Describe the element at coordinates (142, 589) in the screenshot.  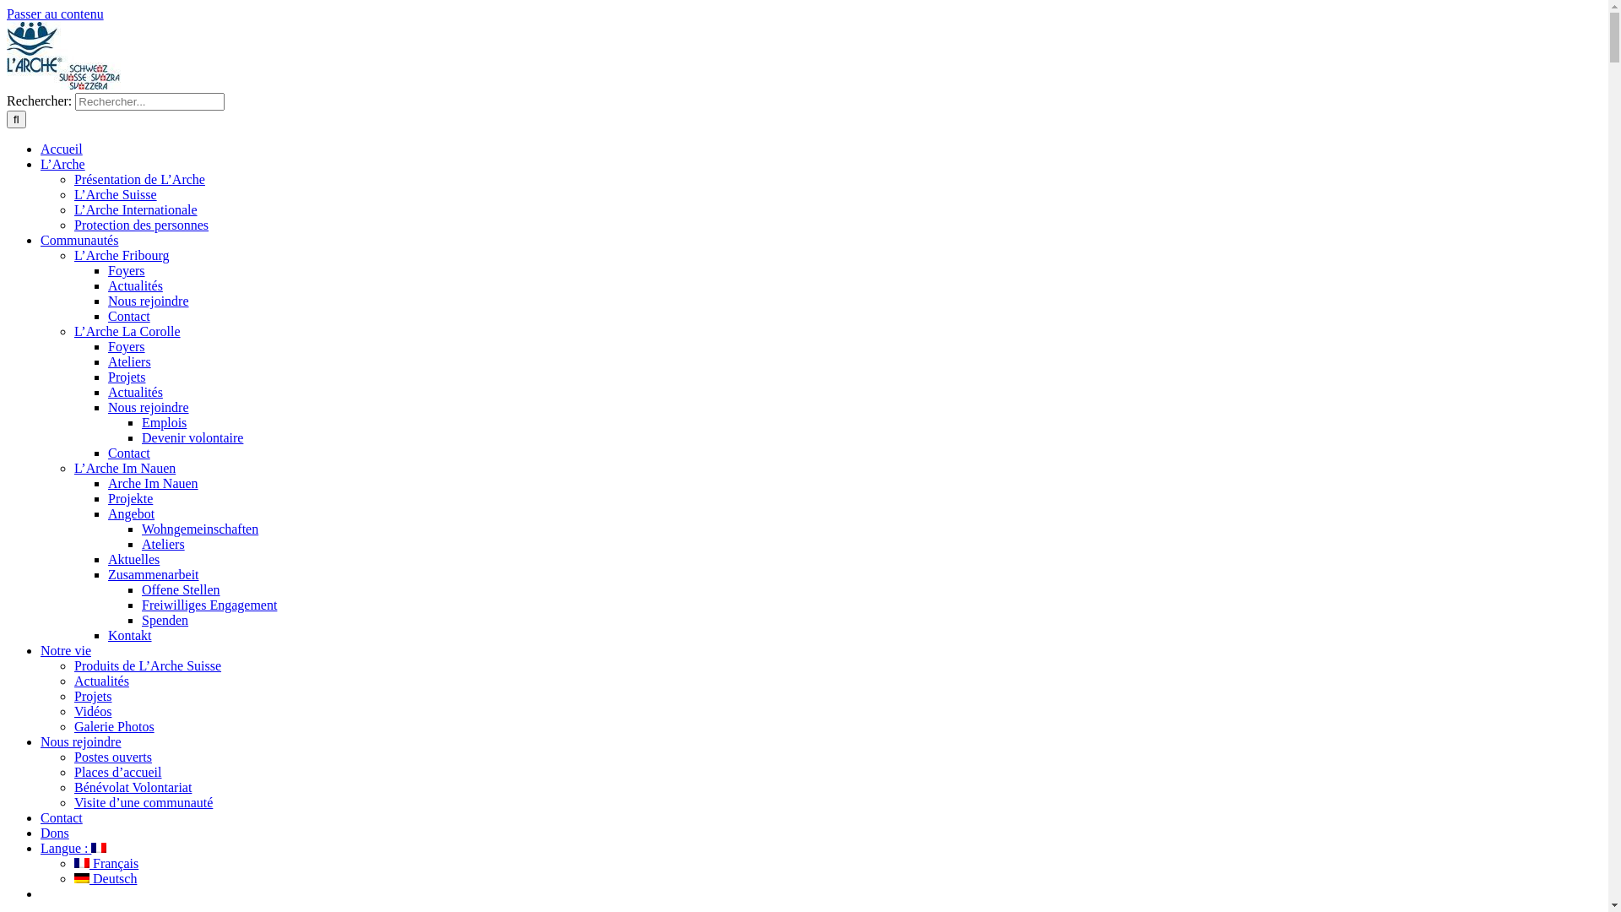
I see `'Offene Stellen'` at that location.